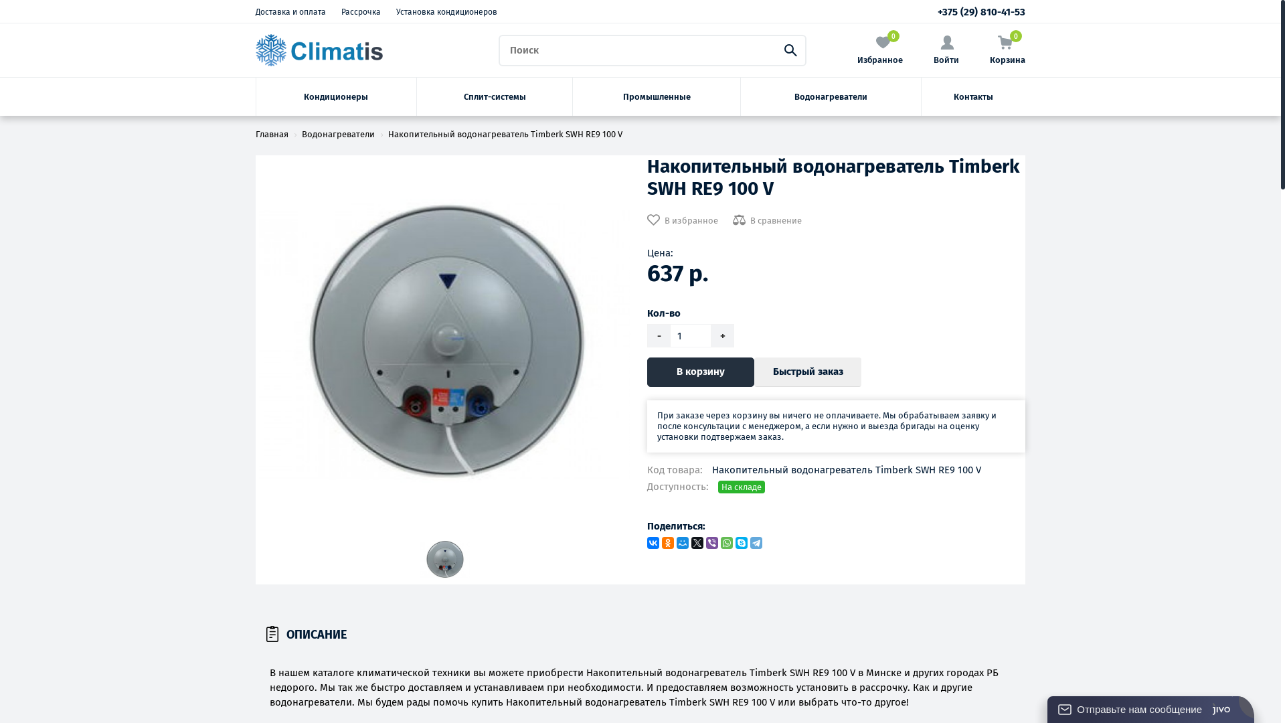 The height and width of the screenshot is (723, 1285). What do you see at coordinates (981, 12) in the screenshot?
I see `'+375 (29) 810-41-53'` at bounding box center [981, 12].